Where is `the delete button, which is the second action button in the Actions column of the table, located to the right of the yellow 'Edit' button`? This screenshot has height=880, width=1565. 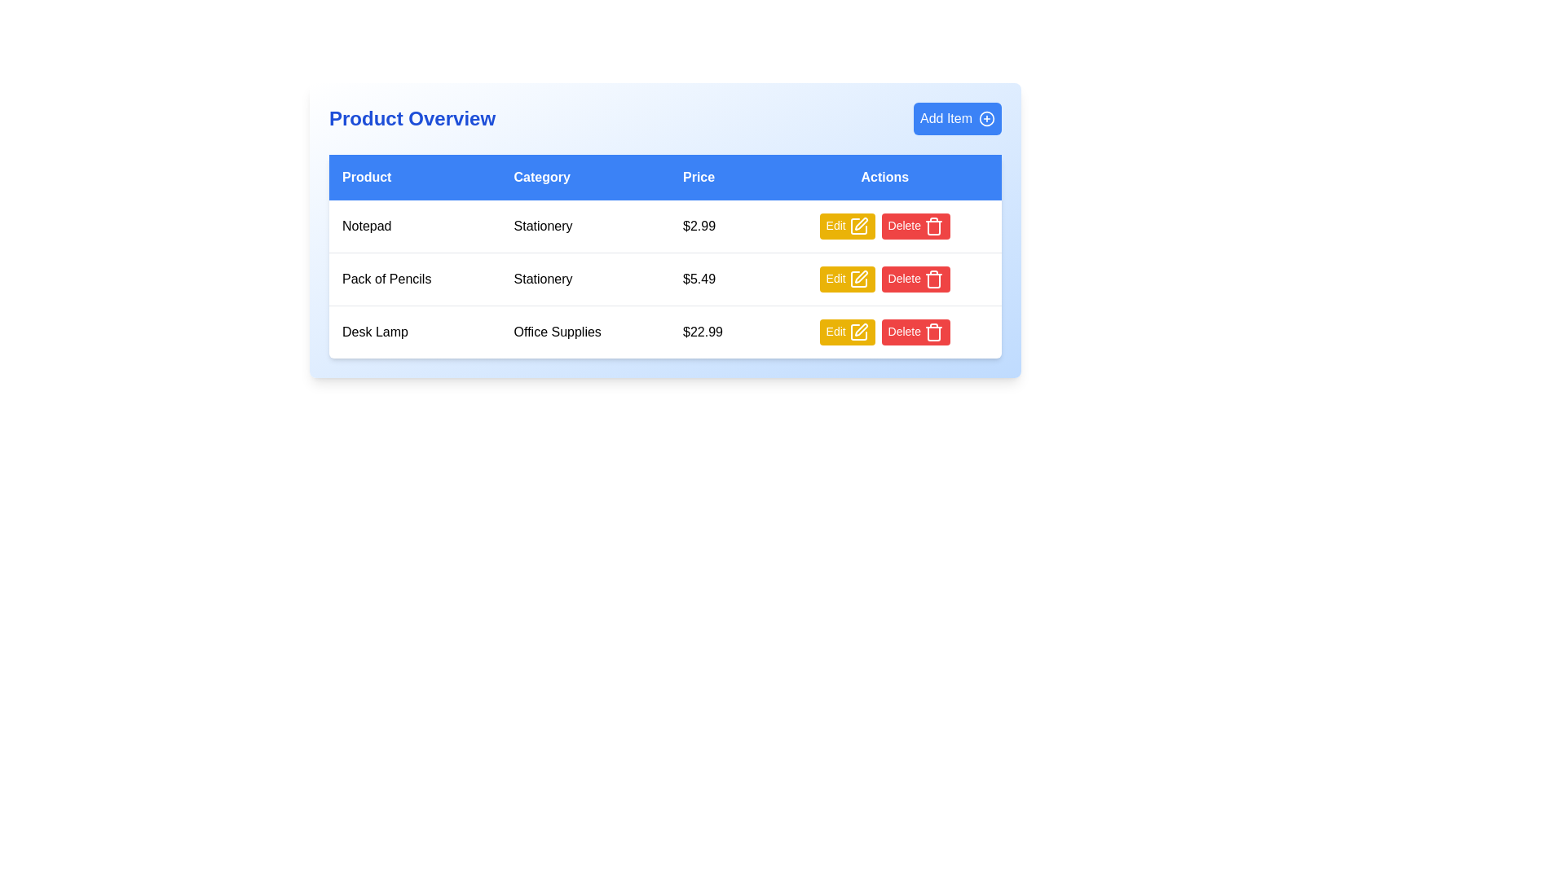
the delete button, which is the second action button in the Actions column of the table, located to the right of the yellow 'Edit' button is located at coordinates (915, 332).